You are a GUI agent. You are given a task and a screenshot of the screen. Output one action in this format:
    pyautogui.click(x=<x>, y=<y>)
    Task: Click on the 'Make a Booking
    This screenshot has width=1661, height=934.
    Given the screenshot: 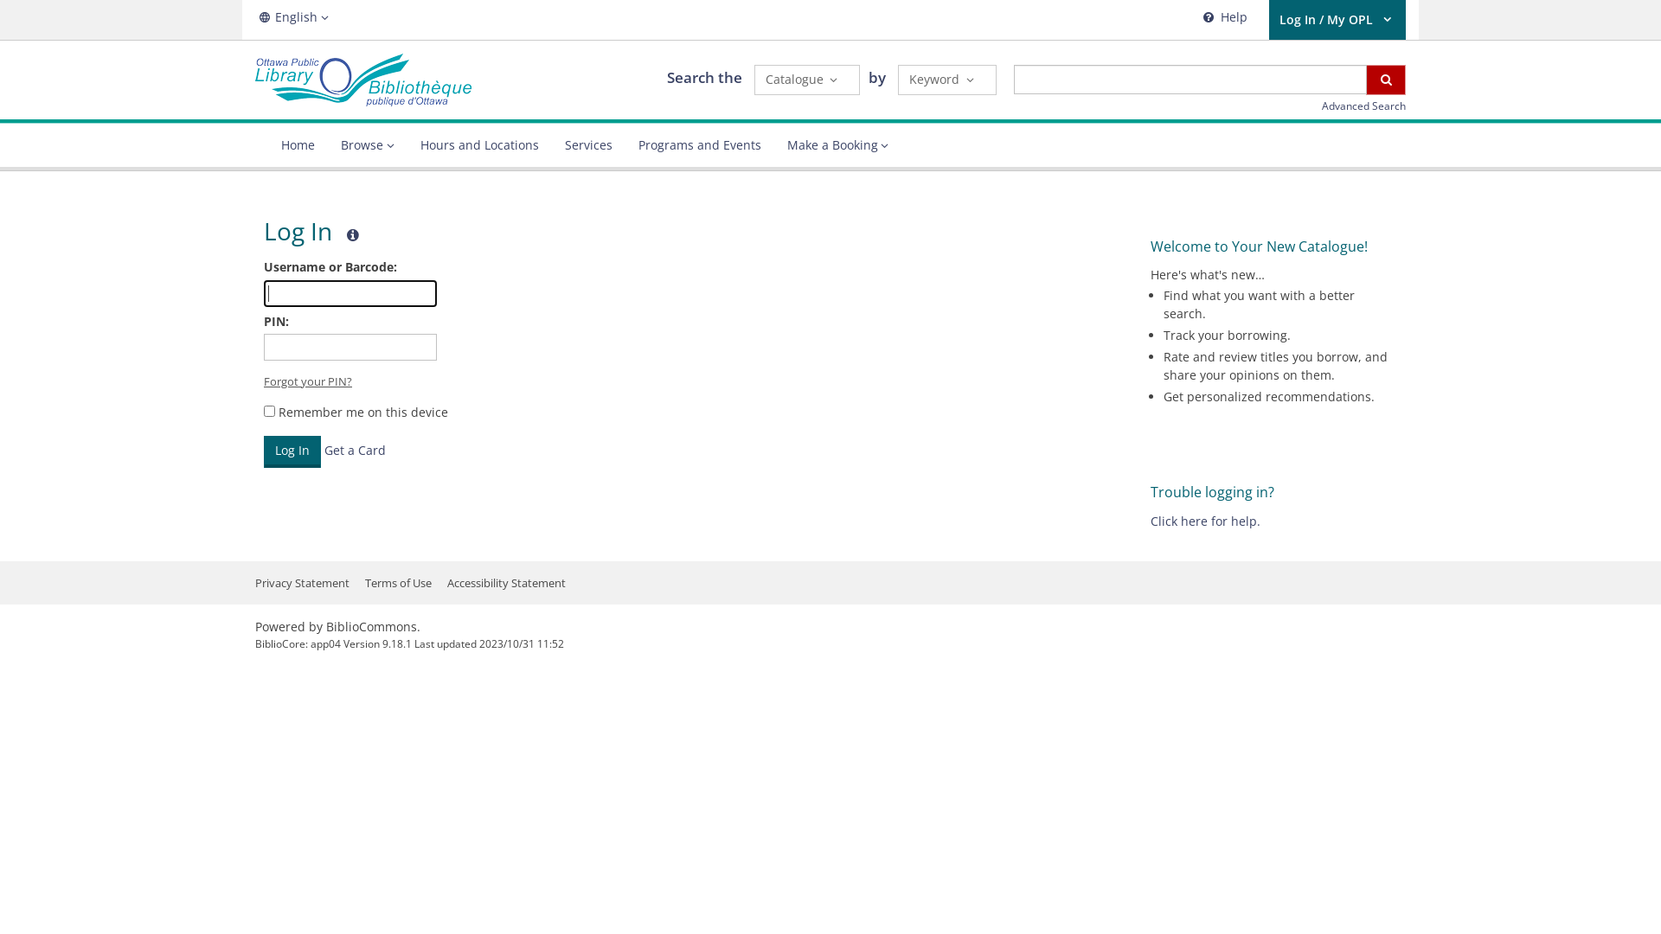 What is the action you would take?
    pyautogui.click(x=837, y=144)
    